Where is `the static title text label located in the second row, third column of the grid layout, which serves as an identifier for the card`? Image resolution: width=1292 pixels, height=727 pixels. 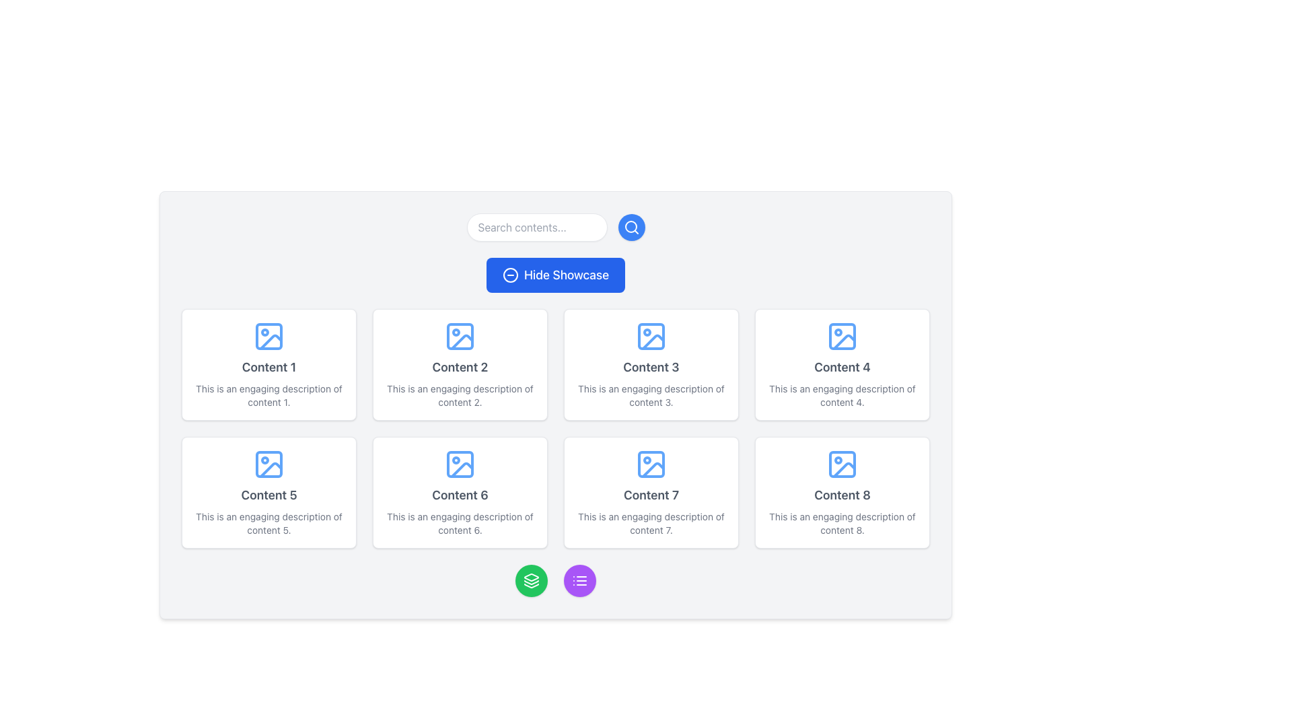 the static title text label located in the second row, third column of the grid layout, which serves as an identifier for the card is located at coordinates (651, 495).